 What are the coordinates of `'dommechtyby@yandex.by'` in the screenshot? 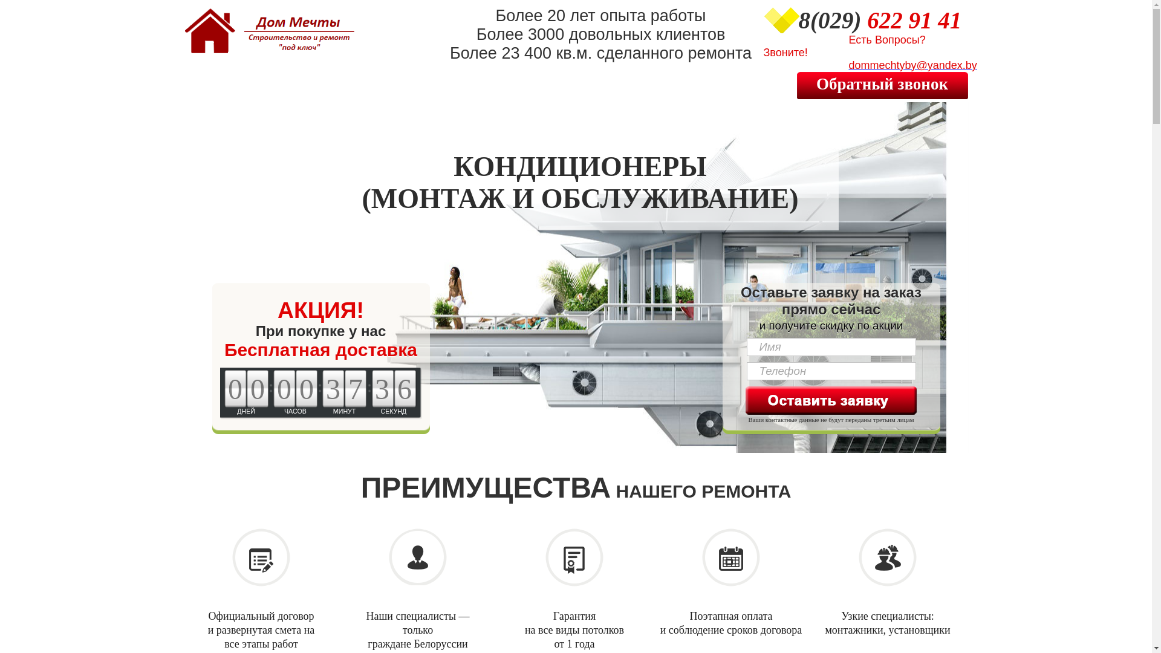 It's located at (869, 66).